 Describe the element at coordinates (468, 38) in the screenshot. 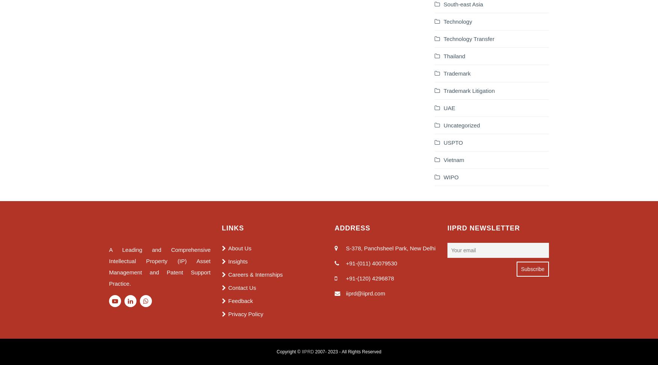

I see `'Technology Transfer'` at that location.